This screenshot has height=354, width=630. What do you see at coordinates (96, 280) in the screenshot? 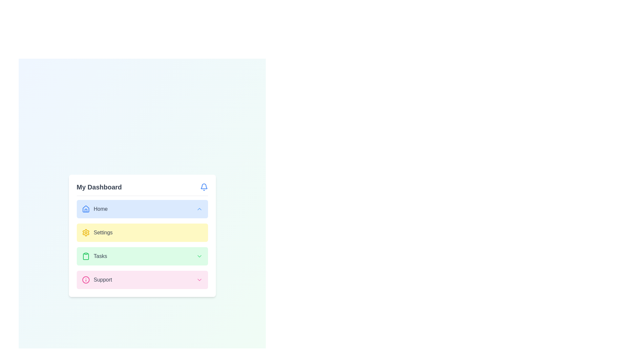
I see `text content of the 'Support' label located within the fourth item of the vertically stacked list under 'My Dashboard'` at bounding box center [96, 280].